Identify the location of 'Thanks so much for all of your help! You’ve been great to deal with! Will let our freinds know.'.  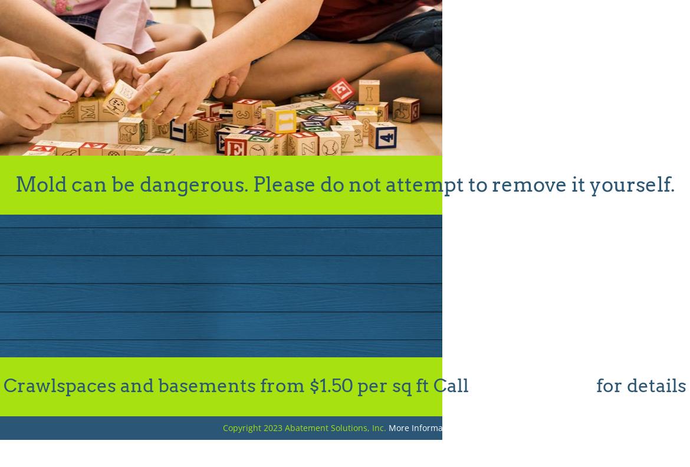
(341, 402).